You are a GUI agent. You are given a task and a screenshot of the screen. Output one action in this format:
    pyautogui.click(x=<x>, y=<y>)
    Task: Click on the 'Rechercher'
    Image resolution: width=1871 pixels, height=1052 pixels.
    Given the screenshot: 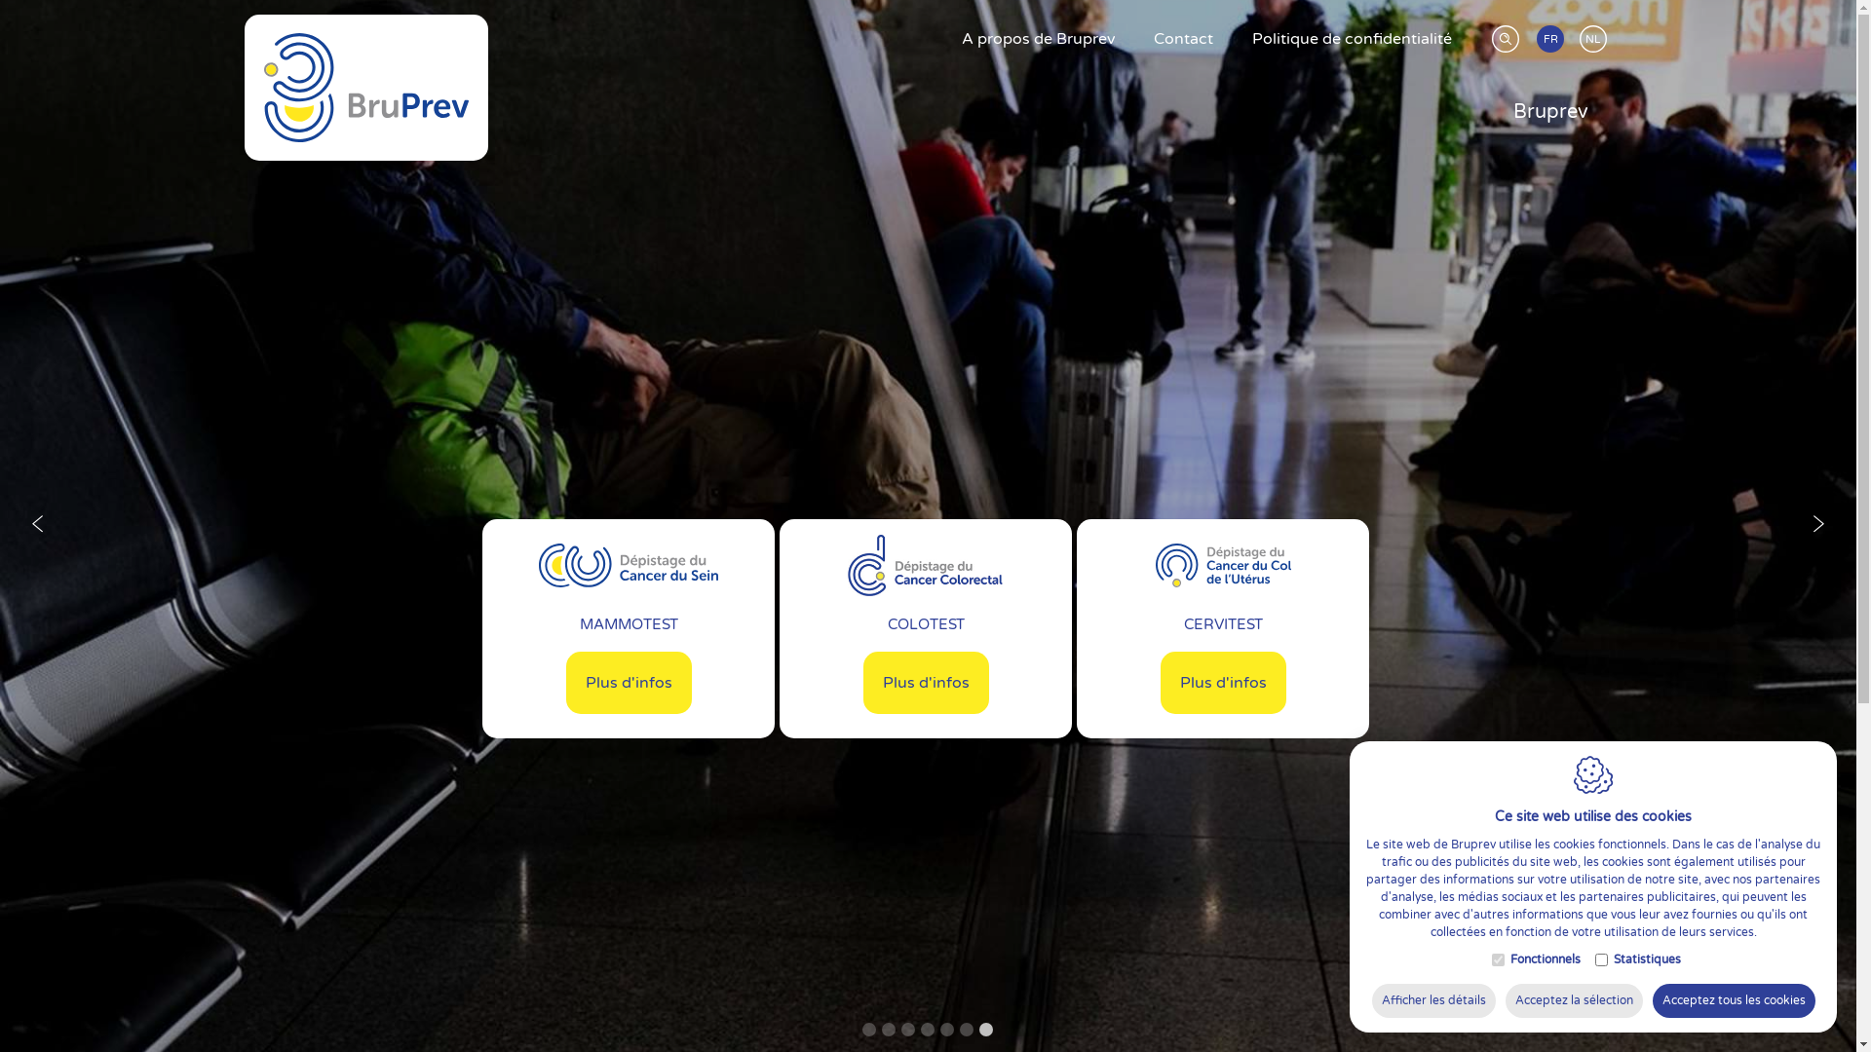 What is the action you would take?
    pyautogui.click(x=1497, y=36)
    